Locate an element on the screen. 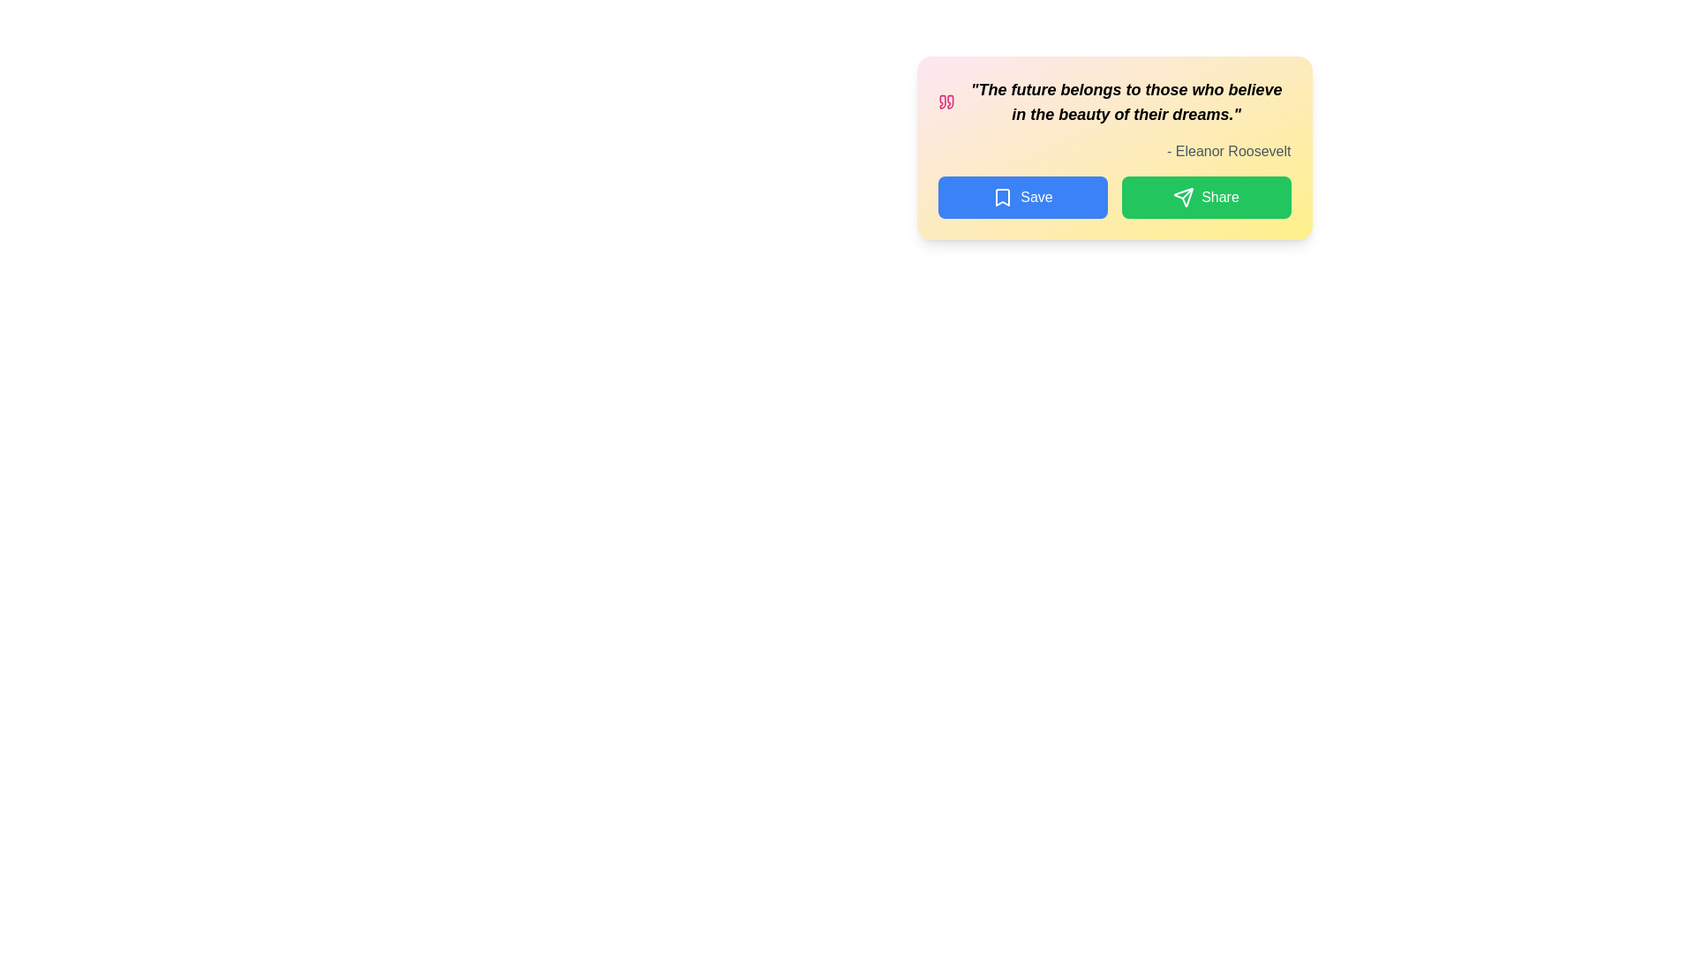  the minimalist triangular 'send' icon located inside the green rounded rectangular 'Share' button, positioned to the left of the label 'Share' is located at coordinates (1184, 197).